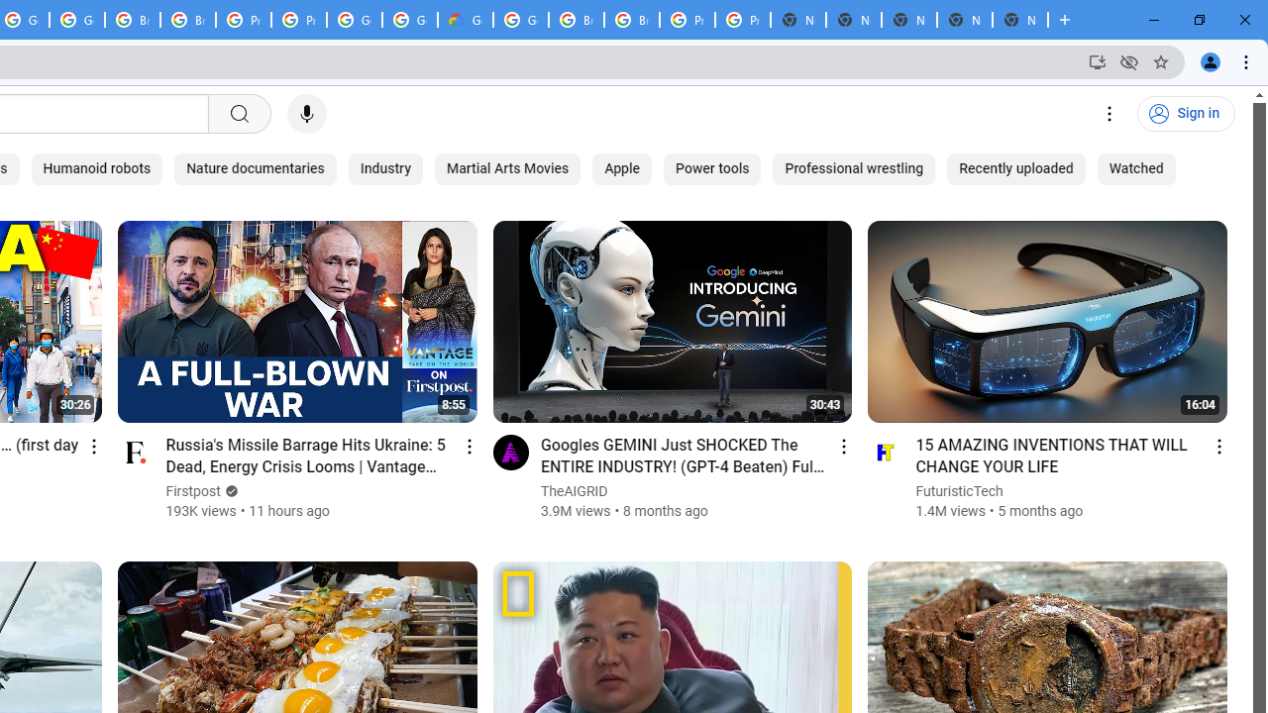  Describe the element at coordinates (1020, 20) in the screenshot. I see `'New Tab'` at that location.